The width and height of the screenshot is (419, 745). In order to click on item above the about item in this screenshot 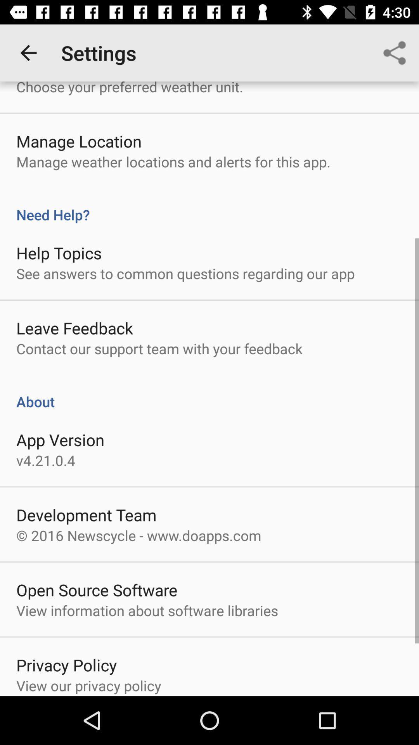, I will do `click(159, 348)`.